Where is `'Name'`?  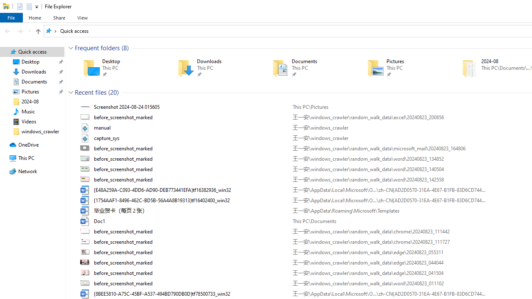
'Name' is located at coordinates (190, 283).